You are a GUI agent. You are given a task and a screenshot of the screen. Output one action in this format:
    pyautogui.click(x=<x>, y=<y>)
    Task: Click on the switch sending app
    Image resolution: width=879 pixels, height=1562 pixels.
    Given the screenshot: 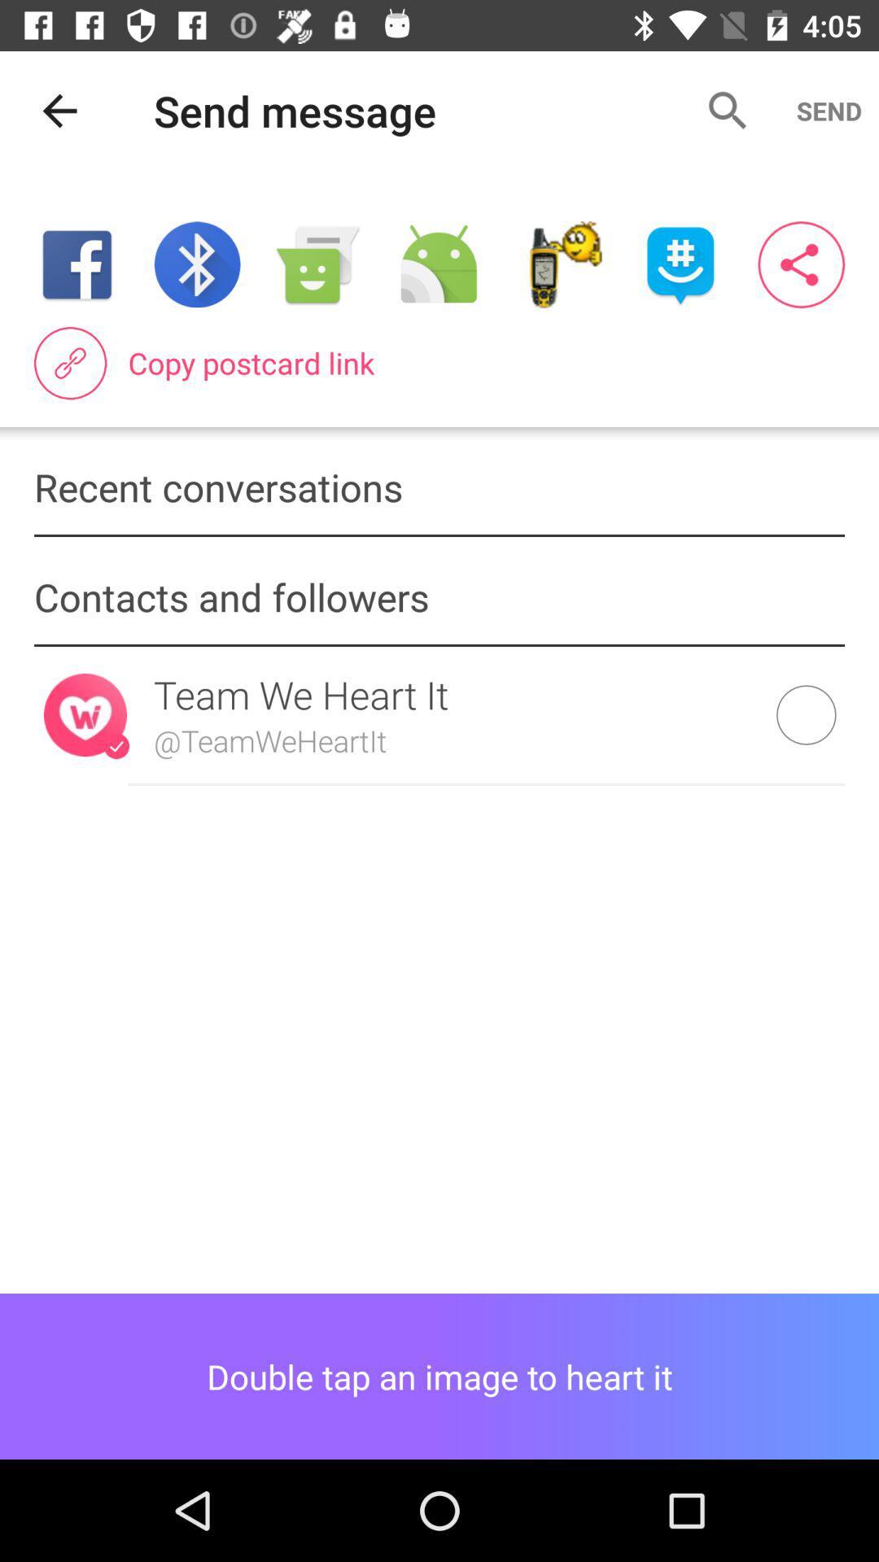 What is the action you would take?
    pyautogui.click(x=680, y=264)
    